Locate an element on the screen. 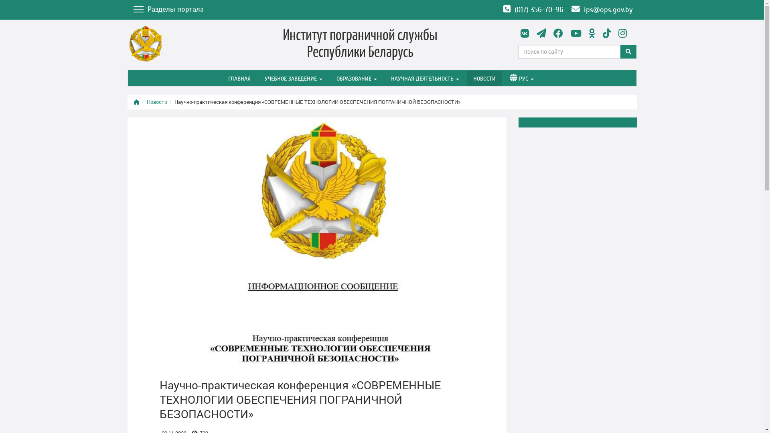  '(017) 356-70-96' is located at coordinates (533, 10).